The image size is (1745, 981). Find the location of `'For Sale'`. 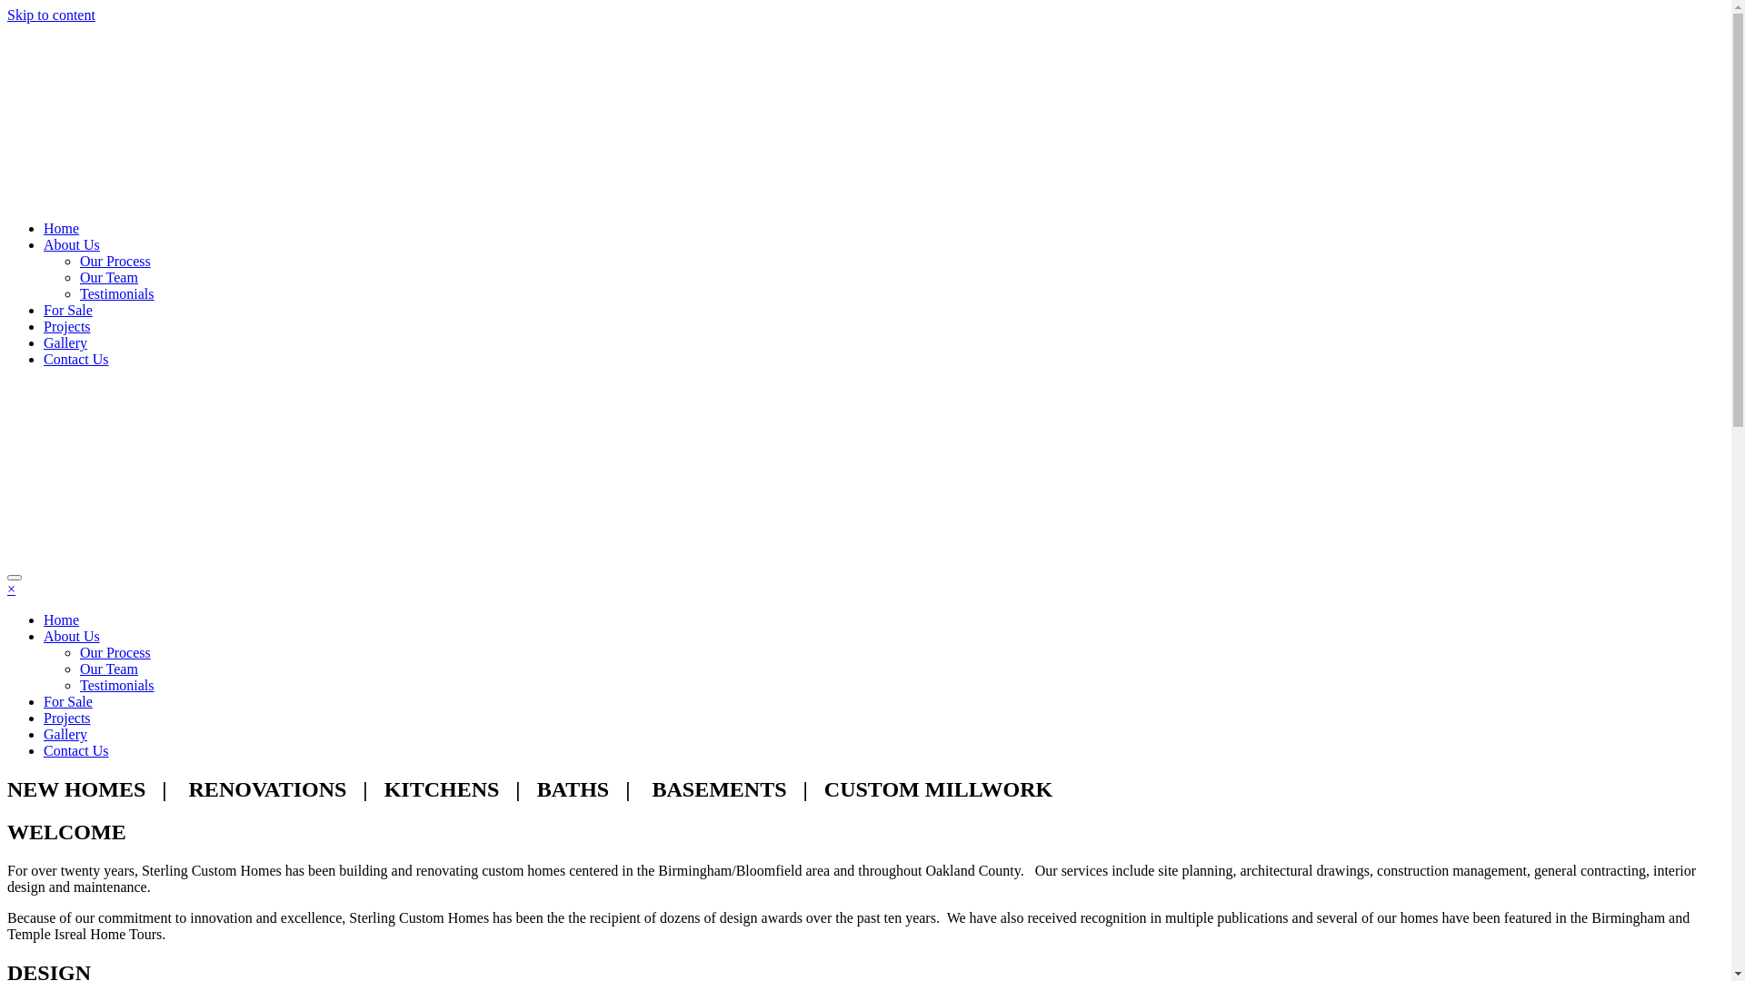

'For Sale' is located at coordinates (68, 309).